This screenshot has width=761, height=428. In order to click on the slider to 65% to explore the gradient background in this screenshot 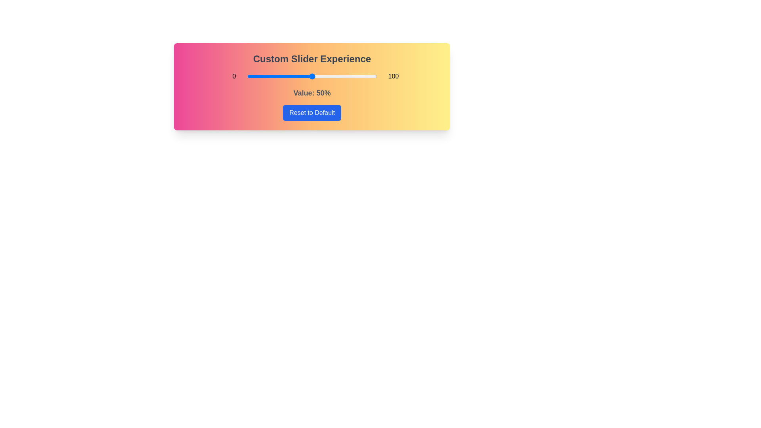, I will do `click(331, 76)`.